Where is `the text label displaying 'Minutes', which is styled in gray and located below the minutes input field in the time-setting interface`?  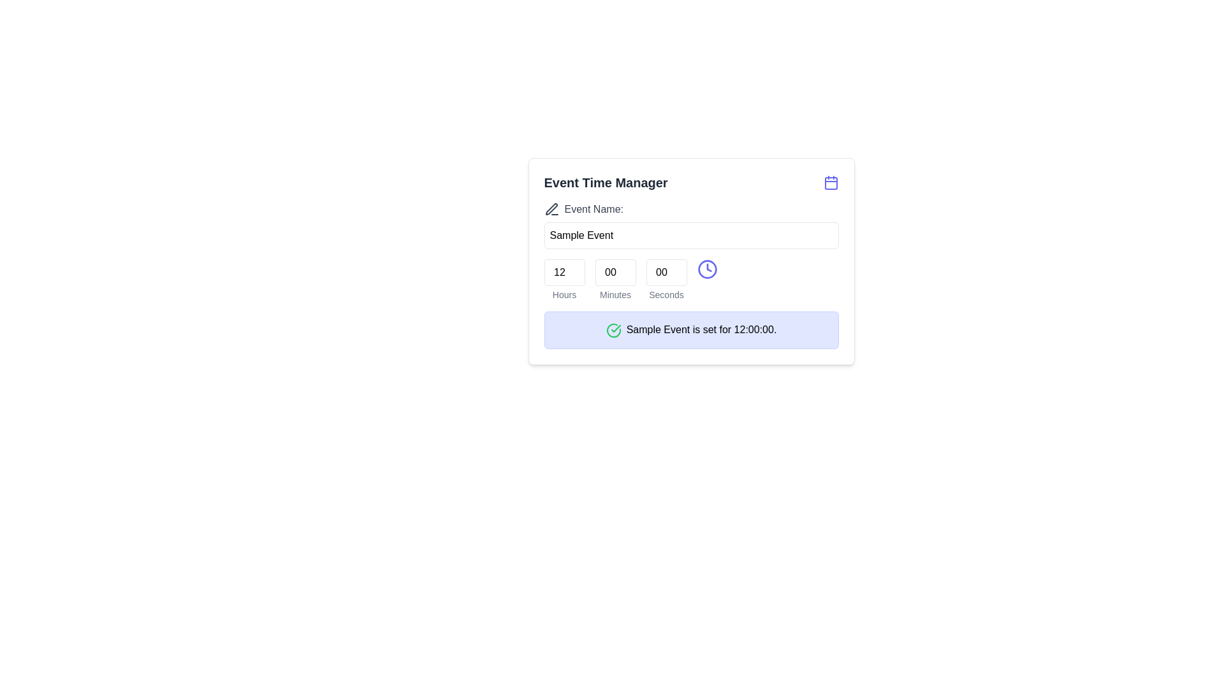 the text label displaying 'Minutes', which is styled in gray and located below the minutes input field in the time-setting interface is located at coordinates (615, 294).